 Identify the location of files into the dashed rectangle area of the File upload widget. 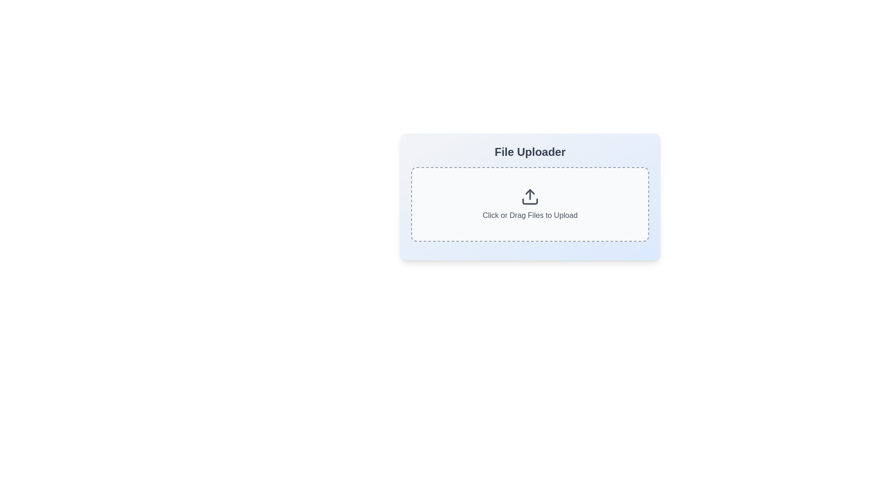
(530, 196).